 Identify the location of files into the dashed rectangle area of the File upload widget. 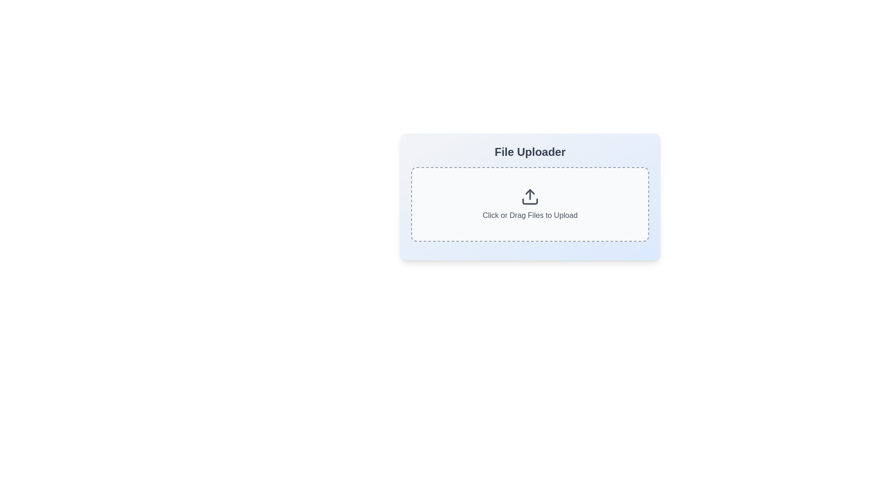
(530, 196).